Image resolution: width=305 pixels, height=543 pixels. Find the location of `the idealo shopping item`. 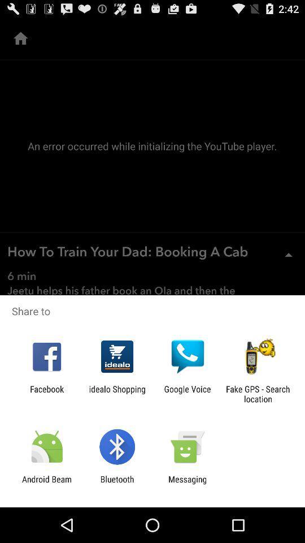

the idealo shopping item is located at coordinates (116, 394).